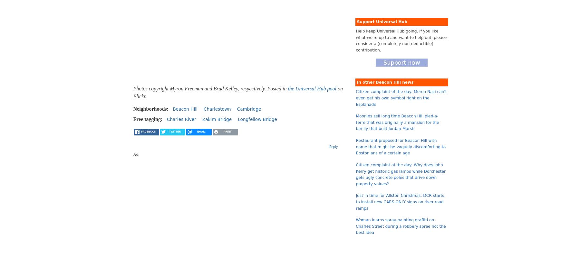 Image resolution: width=580 pixels, height=258 pixels. Describe the element at coordinates (401, 146) in the screenshot. I see `'Restaurant proposed for Beacon Hill with name that might be vaguely discomforting to Bostonians of a certain age'` at that location.